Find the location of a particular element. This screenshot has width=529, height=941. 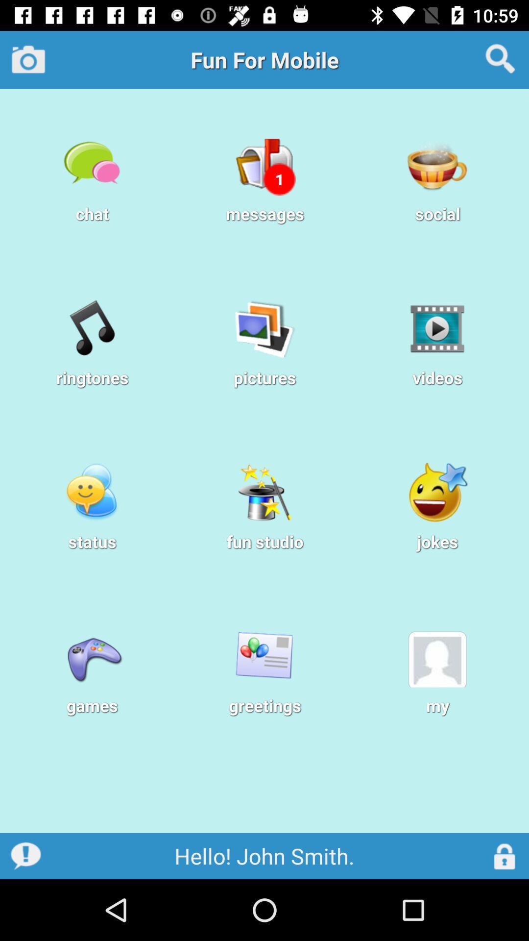

app to the right of fun for mobile icon is located at coordinates (500, 59).